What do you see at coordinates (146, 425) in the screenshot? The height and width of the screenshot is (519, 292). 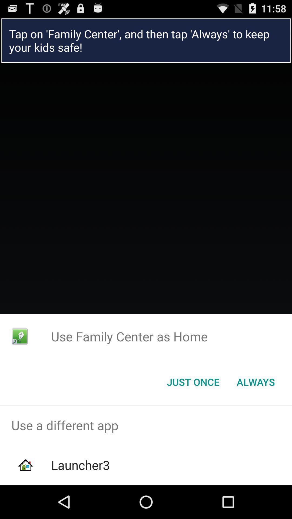 I see `icon above launcher3 app` at bounding box center [146, 425].